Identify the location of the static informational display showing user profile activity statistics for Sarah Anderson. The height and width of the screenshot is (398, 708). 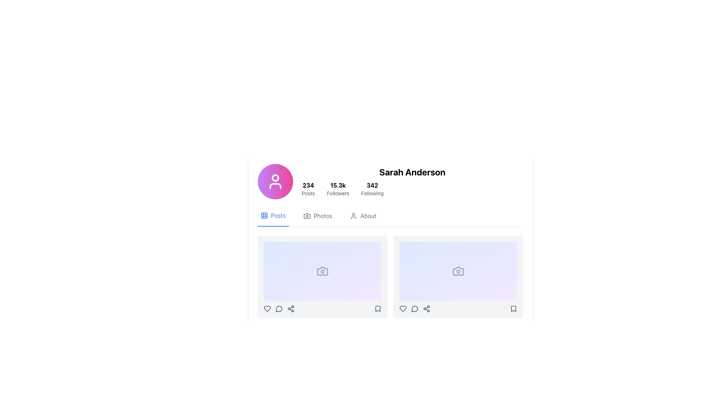
(412, 189).